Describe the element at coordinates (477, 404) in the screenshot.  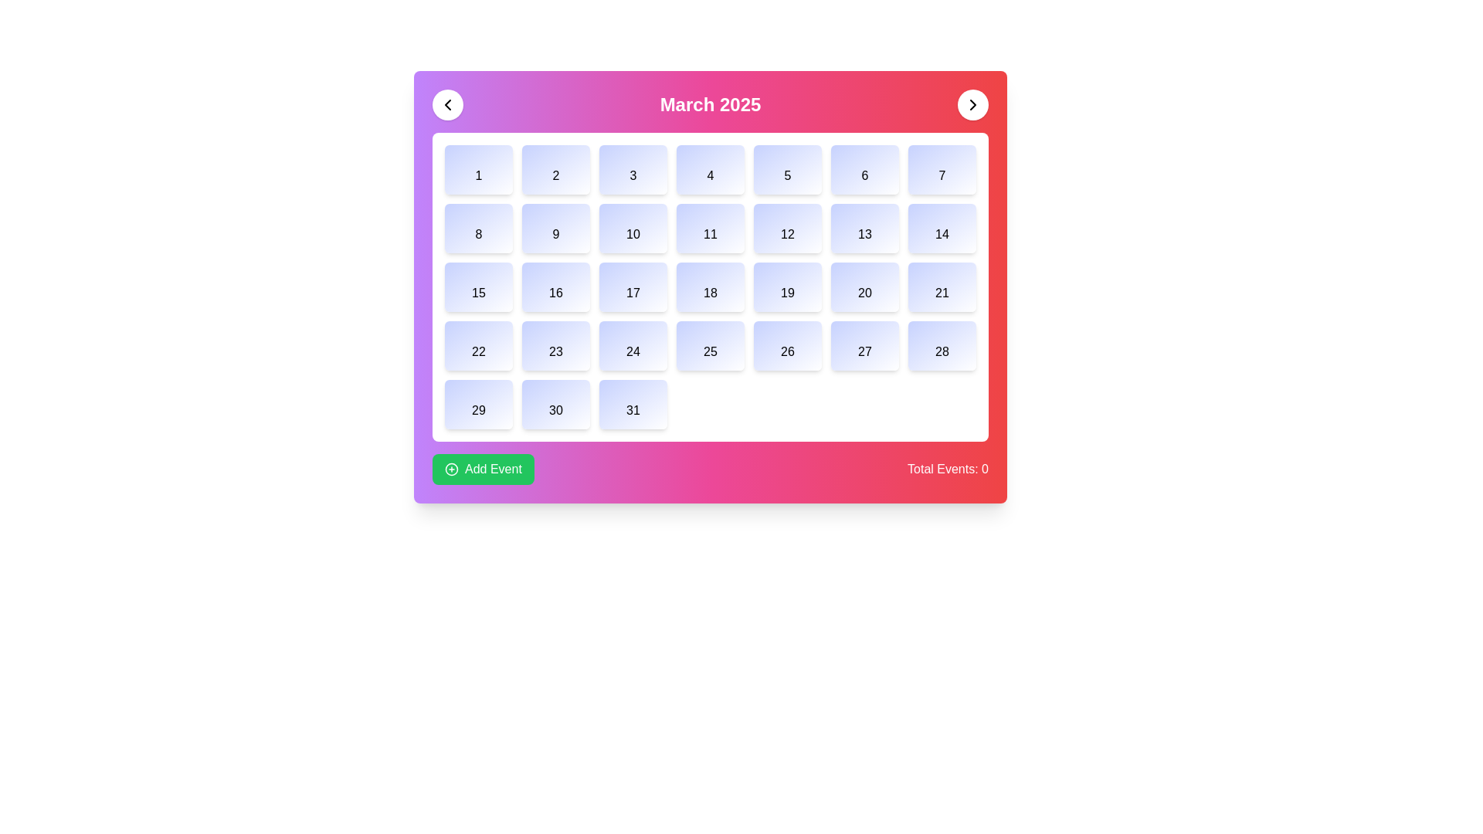
I see `the Text Display (Calendar Cell) representing the 29th day in the calendar` at that location.